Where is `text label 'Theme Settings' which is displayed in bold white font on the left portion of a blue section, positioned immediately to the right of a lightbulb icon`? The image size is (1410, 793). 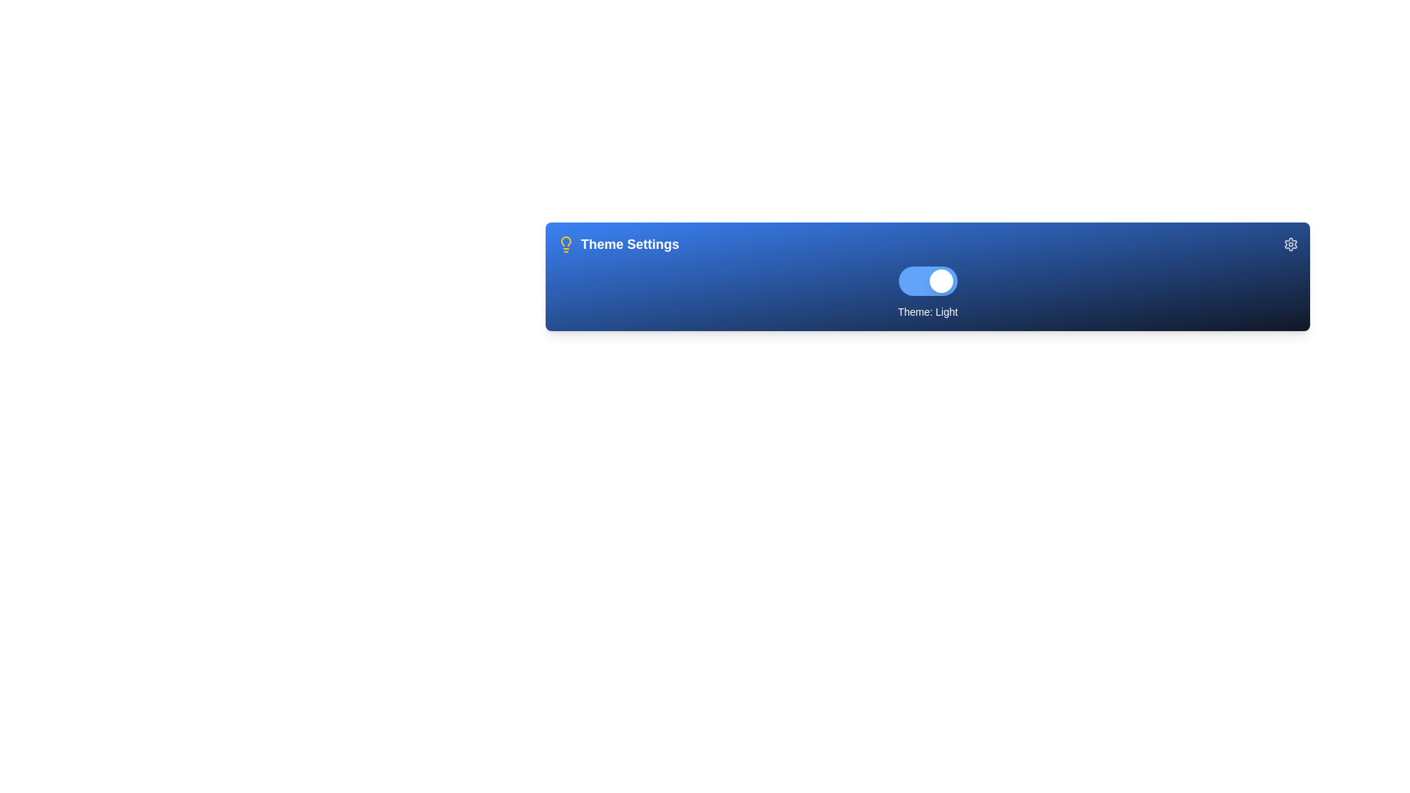 text label 'Theme Settings' which is displayed in bold white font on the left portion of a blue section, positioned immediately to the right of a lightbulb icon is located at coordinates (630, 243).